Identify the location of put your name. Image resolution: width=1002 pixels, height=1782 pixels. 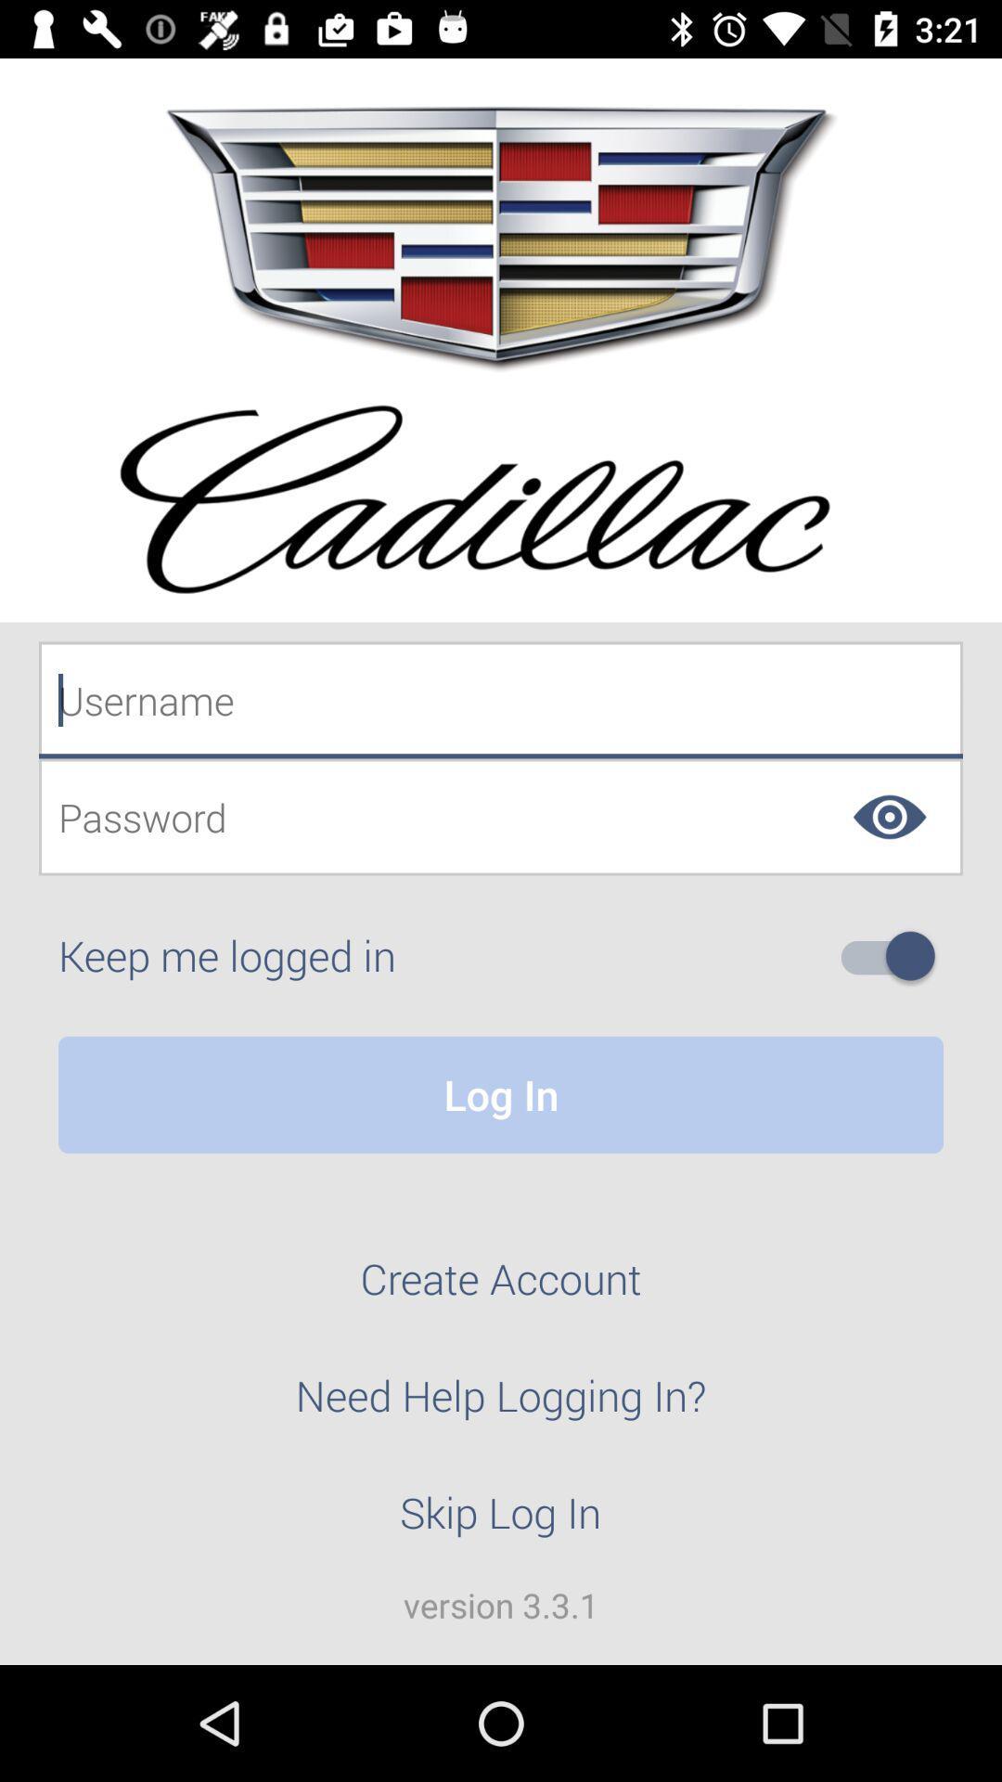
(501, 699).